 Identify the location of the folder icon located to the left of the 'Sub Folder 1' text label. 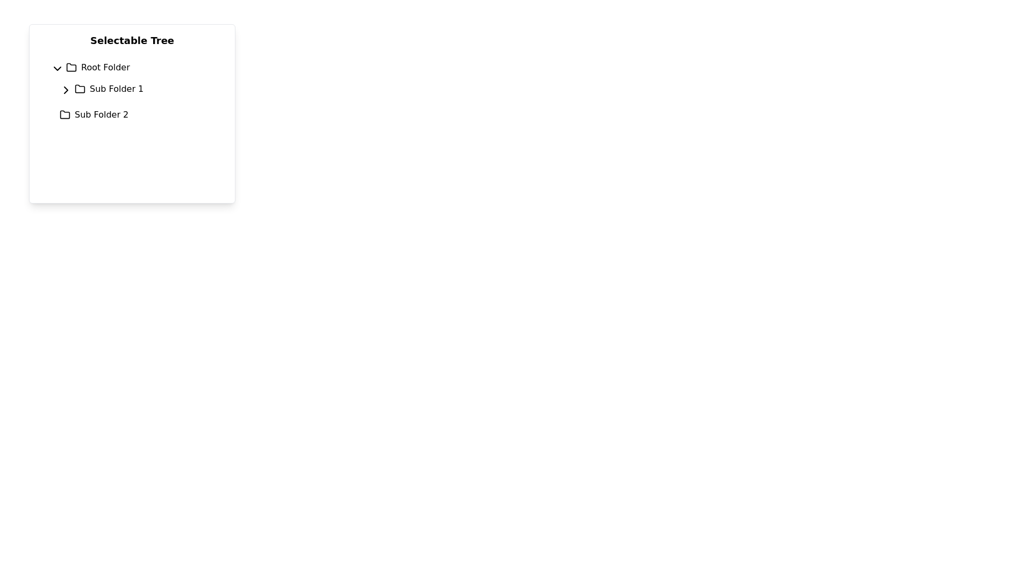
(79, 88).